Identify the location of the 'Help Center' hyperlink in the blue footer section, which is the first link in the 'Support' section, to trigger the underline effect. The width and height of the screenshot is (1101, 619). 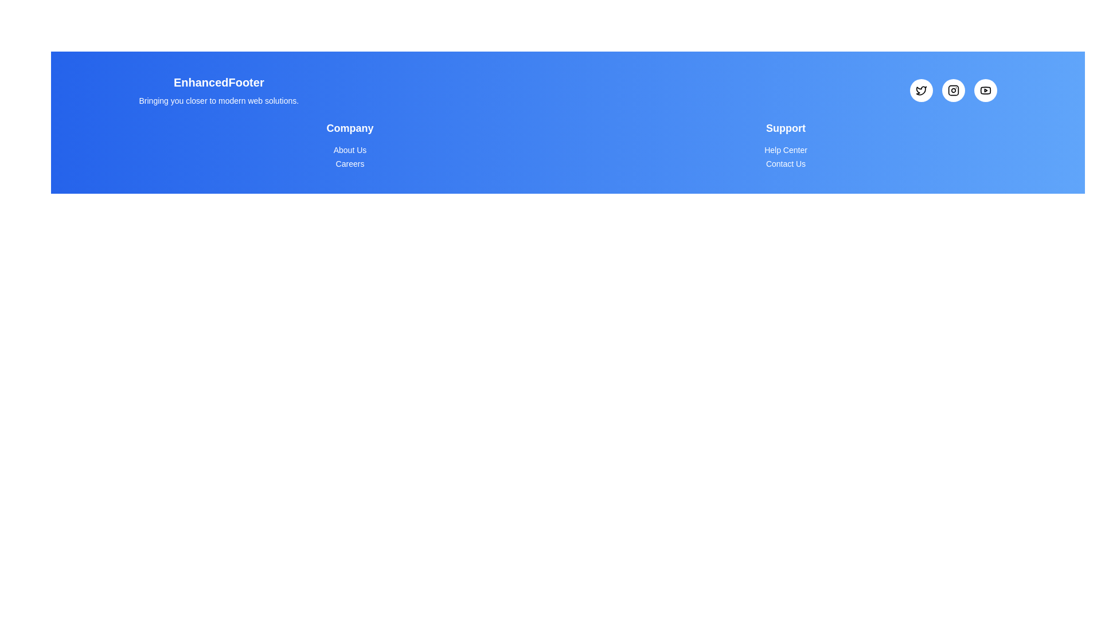
(785, 150).